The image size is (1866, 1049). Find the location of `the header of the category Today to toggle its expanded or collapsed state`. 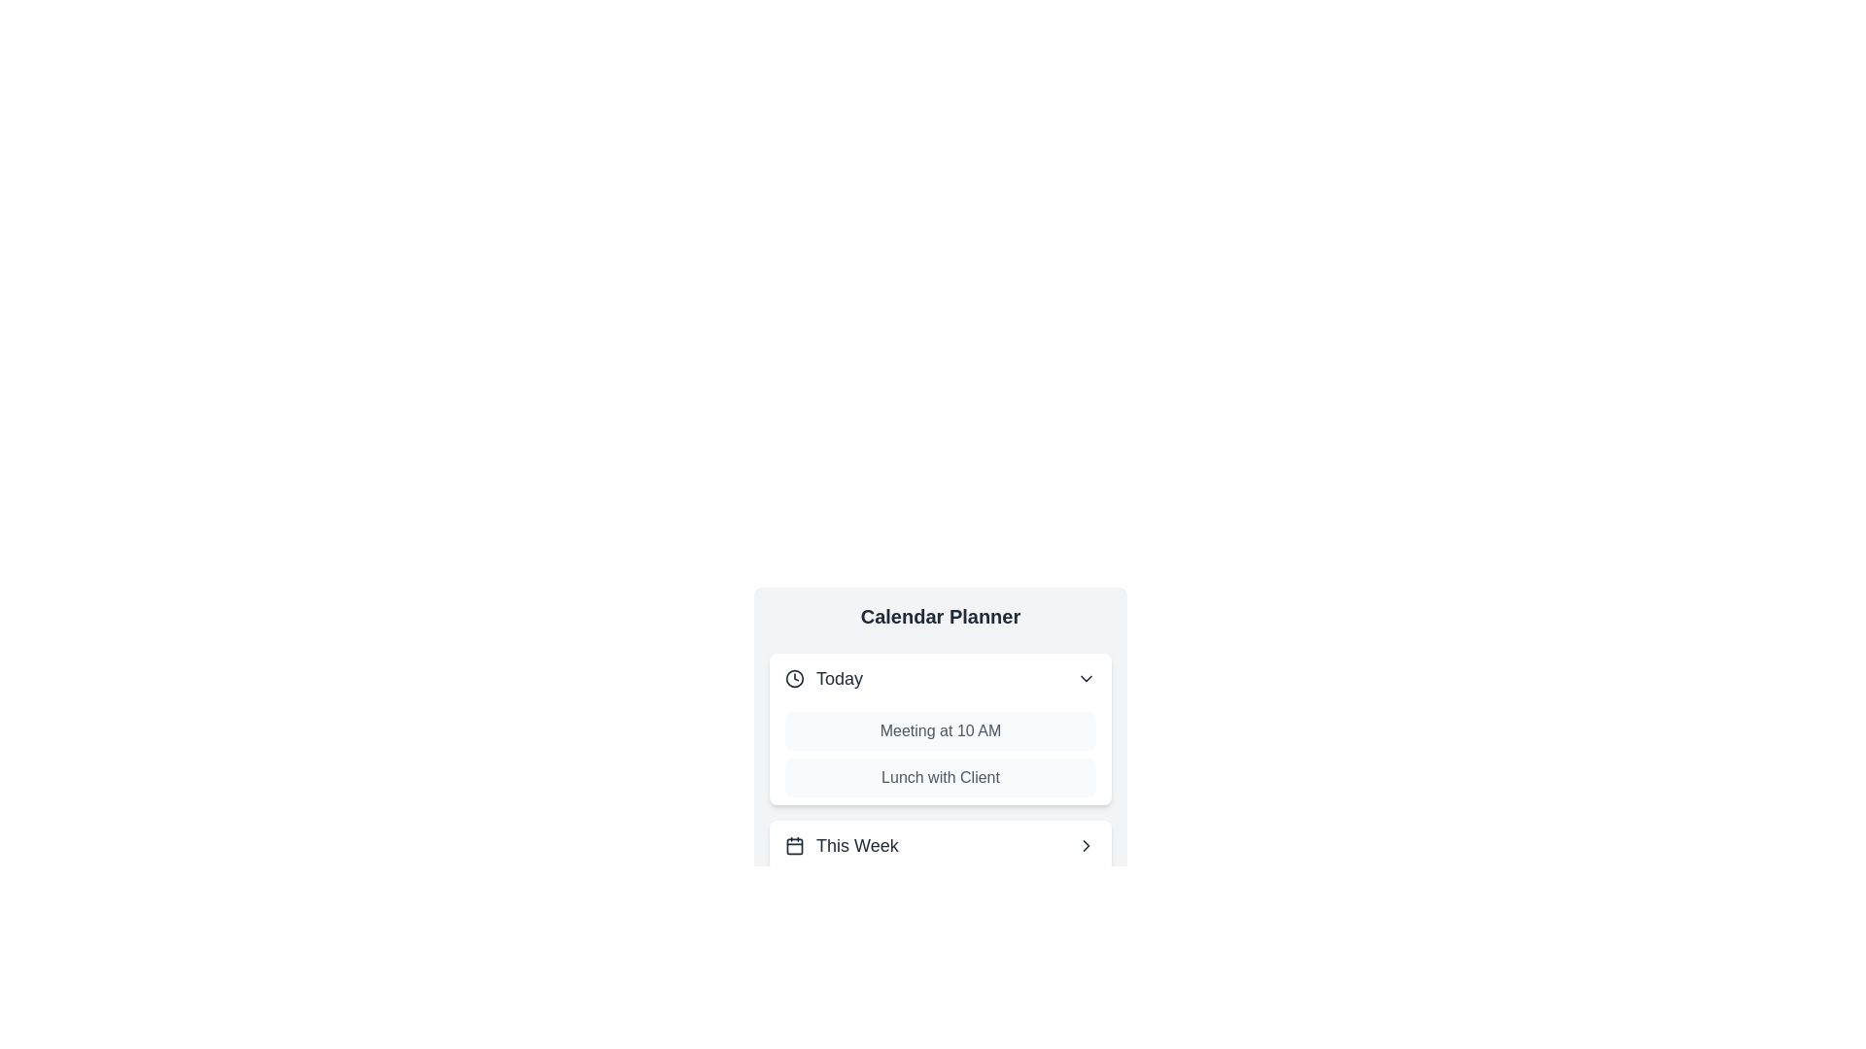

the header of the category Today to toggle its expanded or collapsed state is located at coordinates (941, 677).